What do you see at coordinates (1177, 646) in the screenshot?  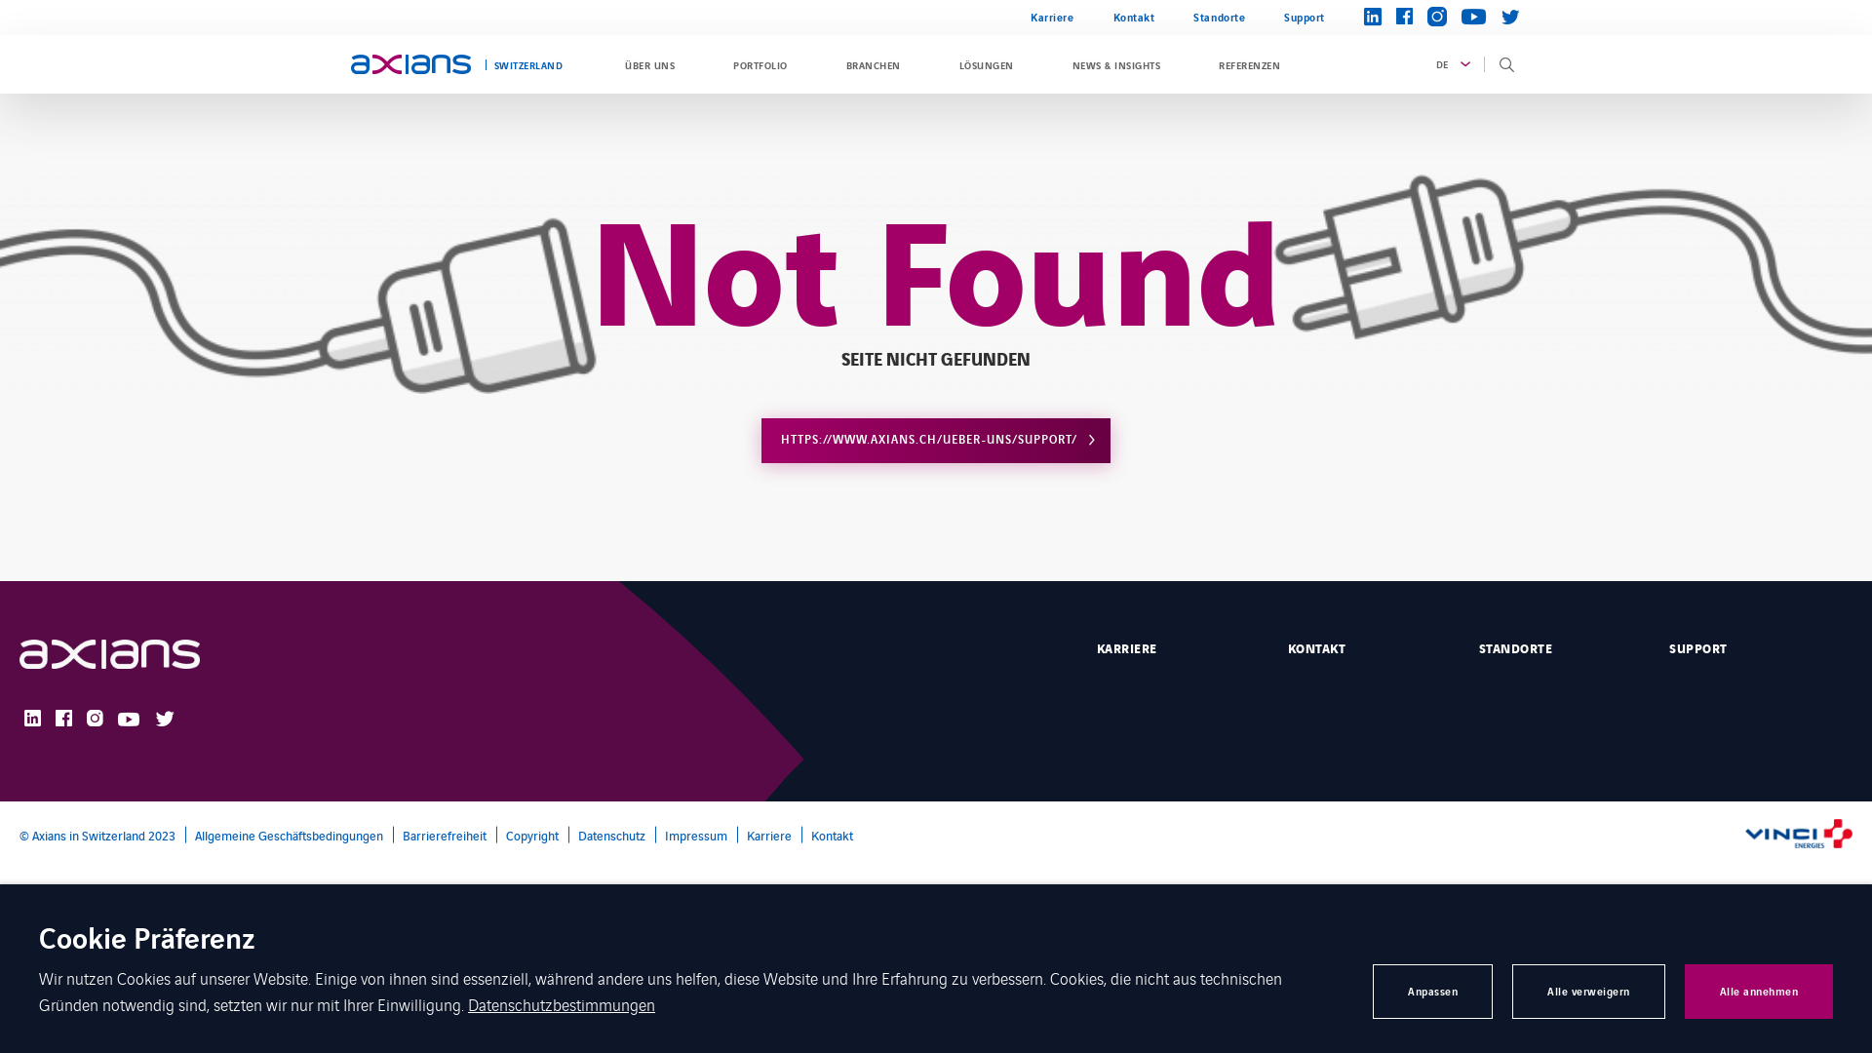 I see `'KARRIERE'` at bounding box center [1177, 646].